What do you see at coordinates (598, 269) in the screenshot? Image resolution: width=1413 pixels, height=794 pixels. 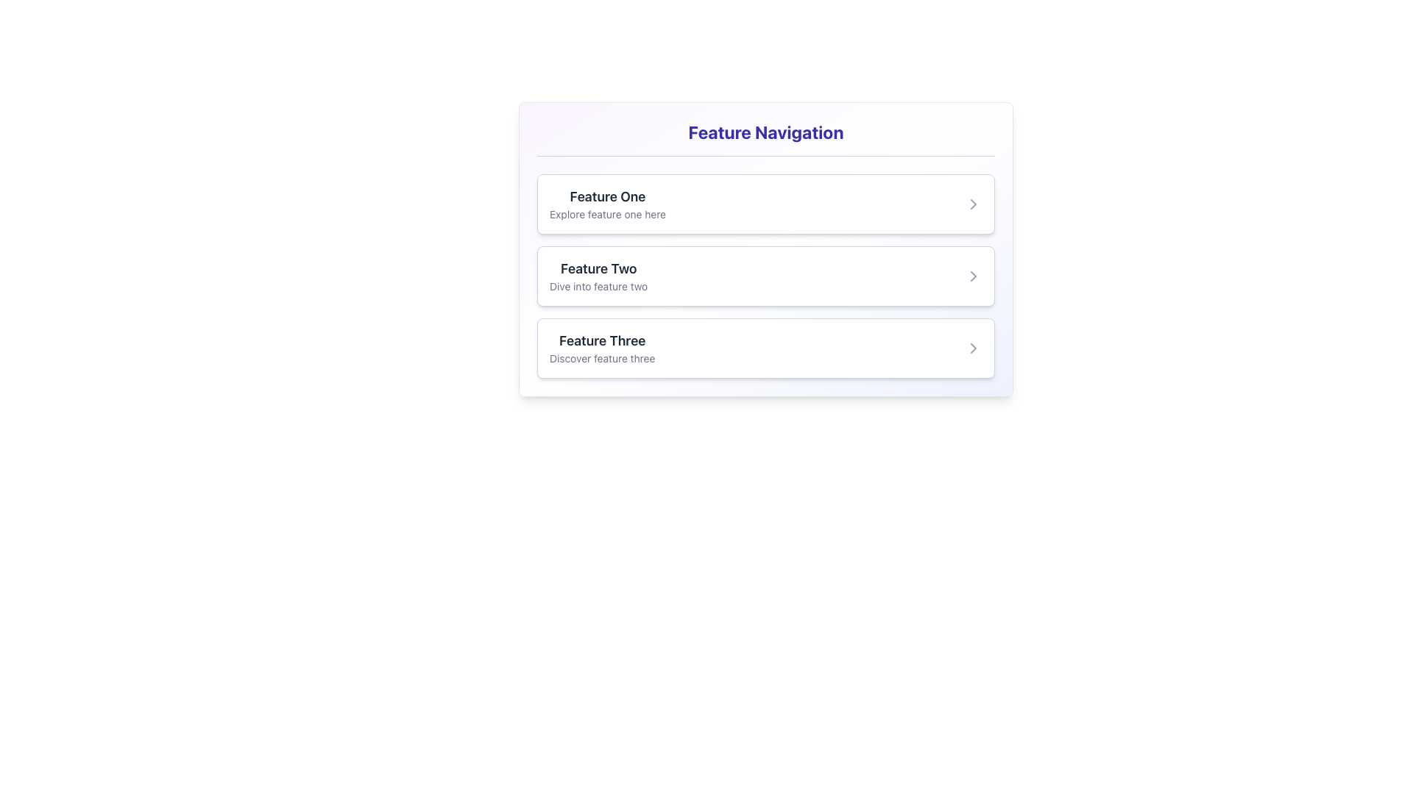 I see `the Text Label that serves as the title for the second feature description in the navigational interface, located between 'Feature One' and the smaller text snippet 'Dive into feature two'` at bounding box center [598, 269].